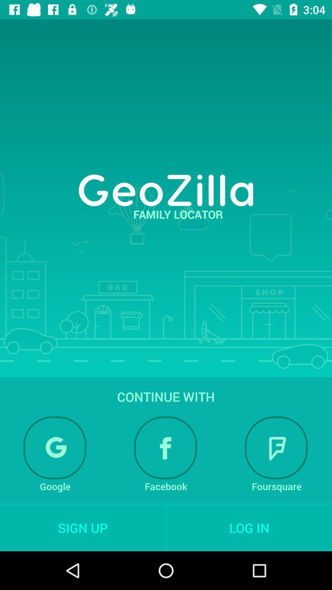 This screenshot has height=590, width=332. I want to click on log in item, so click(249, 527).